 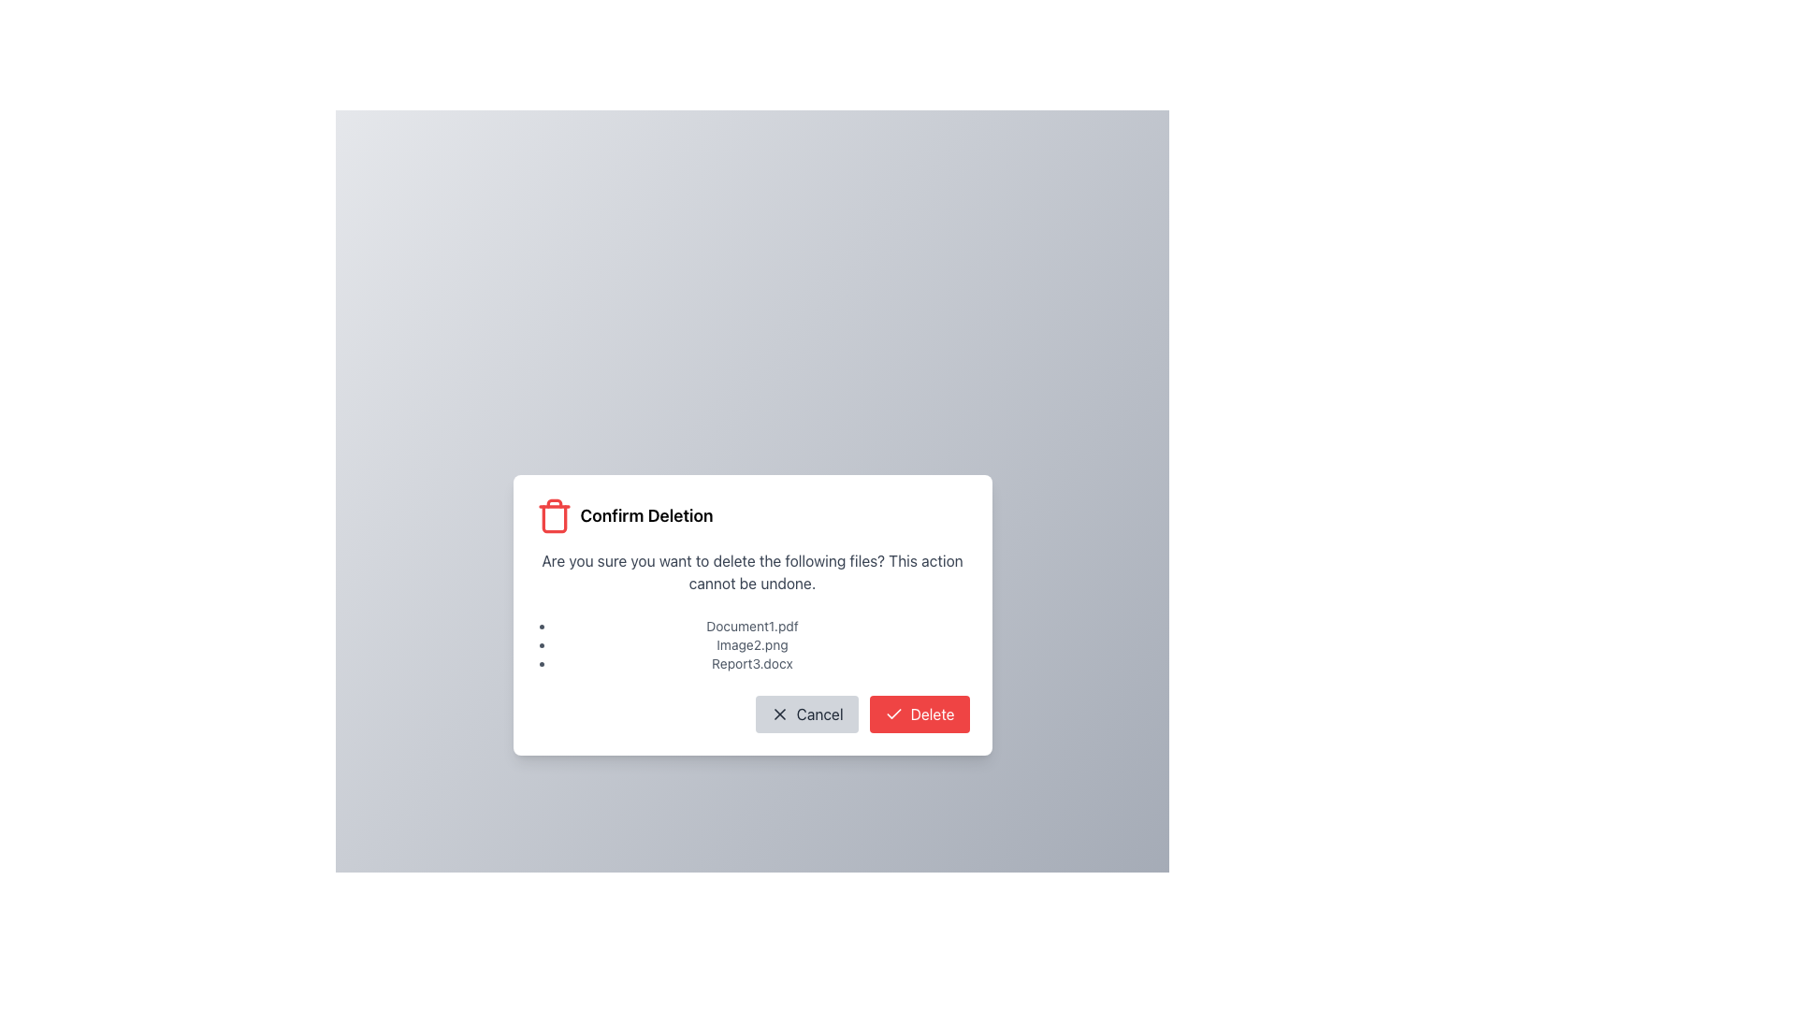 I want to click on the Text Label displaying the file name 'Image2.png', which is the second item in the deletion confirmation dialog, so click(x=752, y=644).